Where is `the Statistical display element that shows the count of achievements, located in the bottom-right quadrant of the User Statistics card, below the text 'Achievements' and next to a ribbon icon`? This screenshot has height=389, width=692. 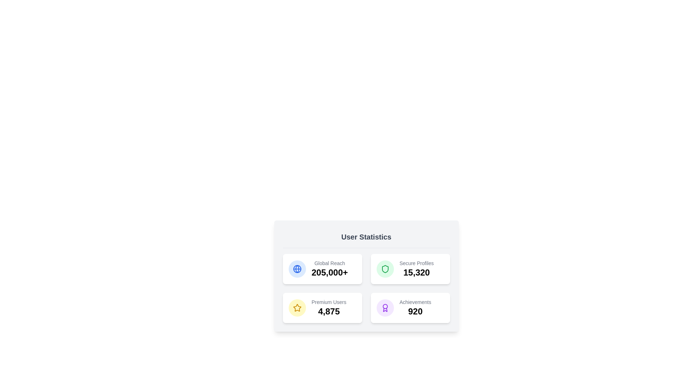 the Statistical display element that shows the count of achievements, located in the bottom-right quadrant of the User Statistics card, below the text 'Achievements' and next to a ribbon icon is located at coordinates (415, 308).